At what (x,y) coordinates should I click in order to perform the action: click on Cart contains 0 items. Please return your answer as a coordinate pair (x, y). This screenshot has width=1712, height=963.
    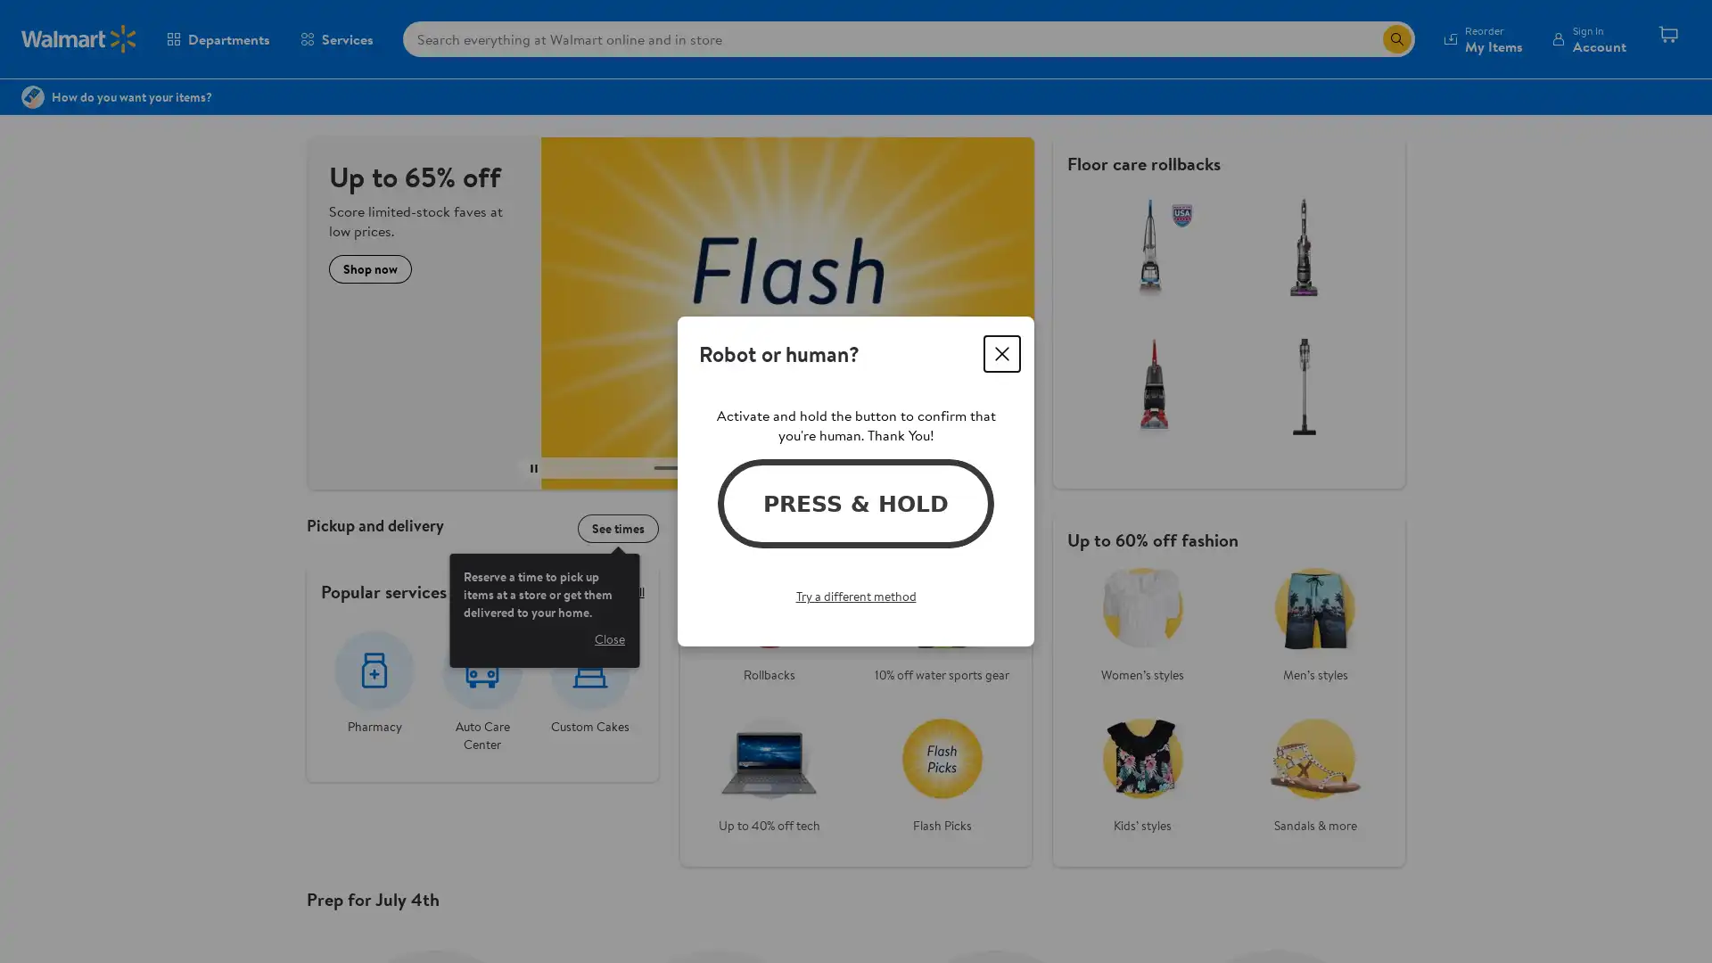
    Looking at the image, I should click on (1667, 38).